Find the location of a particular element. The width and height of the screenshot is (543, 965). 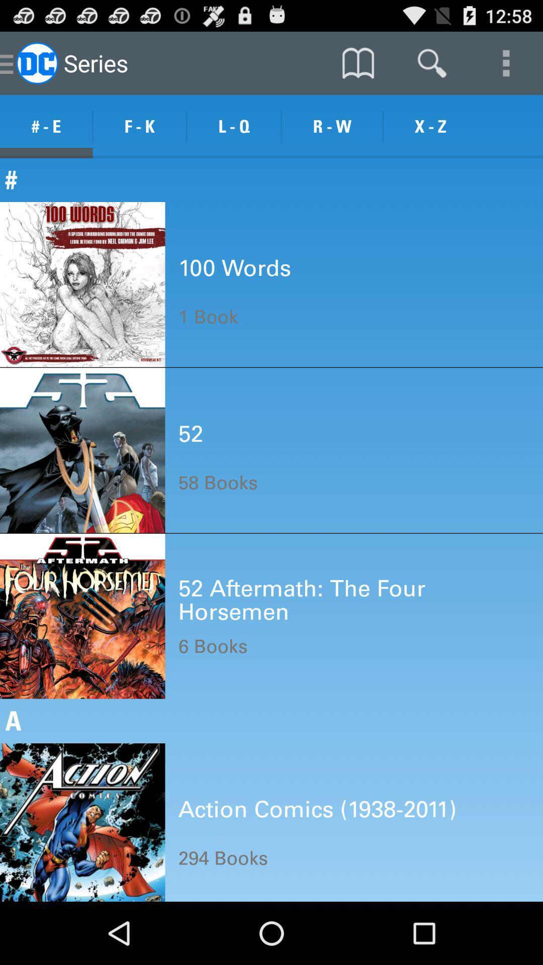

the item next to the x - z icon is located at coordinates (332, 126).